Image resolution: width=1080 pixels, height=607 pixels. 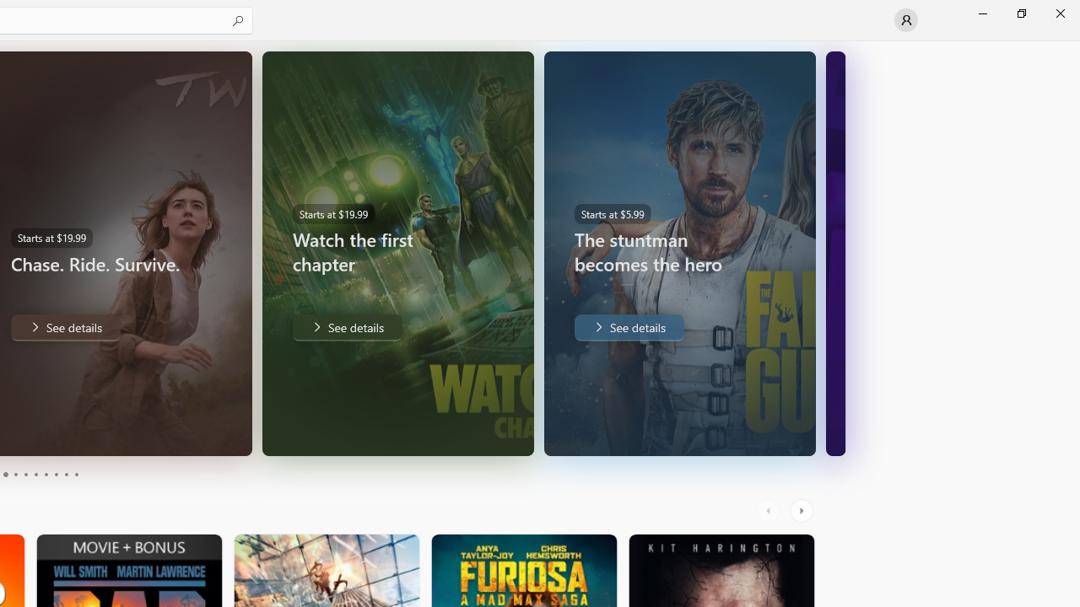 I want to click on 'Page 4', so click(x=14, y=475).